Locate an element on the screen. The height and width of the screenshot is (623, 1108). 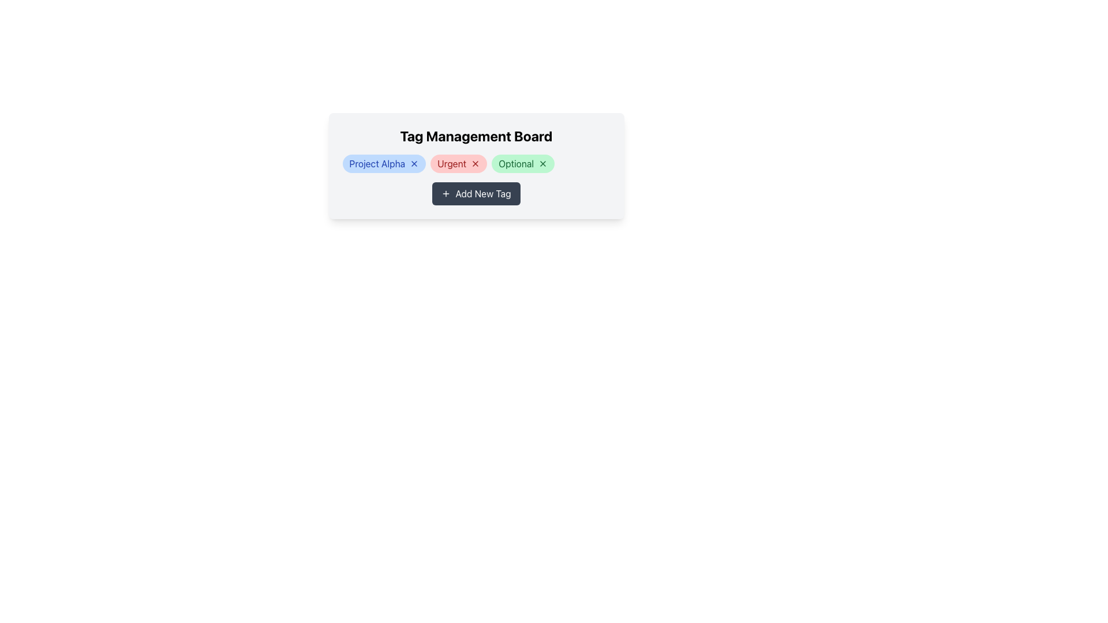
the 'Add New Tag' button, which is a rectangular button with rounded corners, dark gray background, and white text, to initiate adding a new tag is located at coordinates (476, 193).